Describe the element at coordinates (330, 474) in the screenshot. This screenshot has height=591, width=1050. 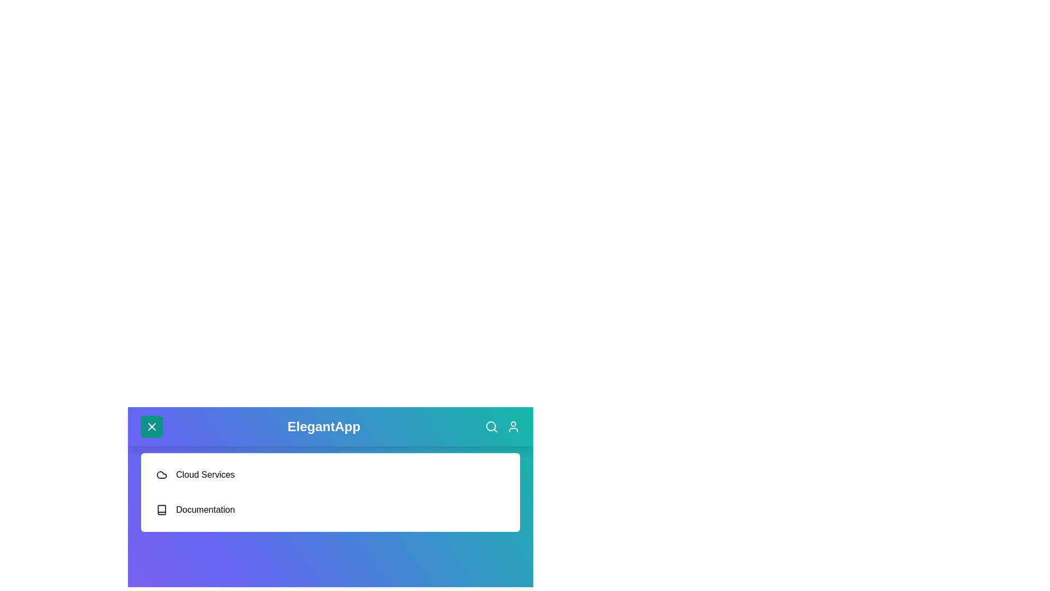
I see `the 'Cloud Services' menu item to navigate` at that location.